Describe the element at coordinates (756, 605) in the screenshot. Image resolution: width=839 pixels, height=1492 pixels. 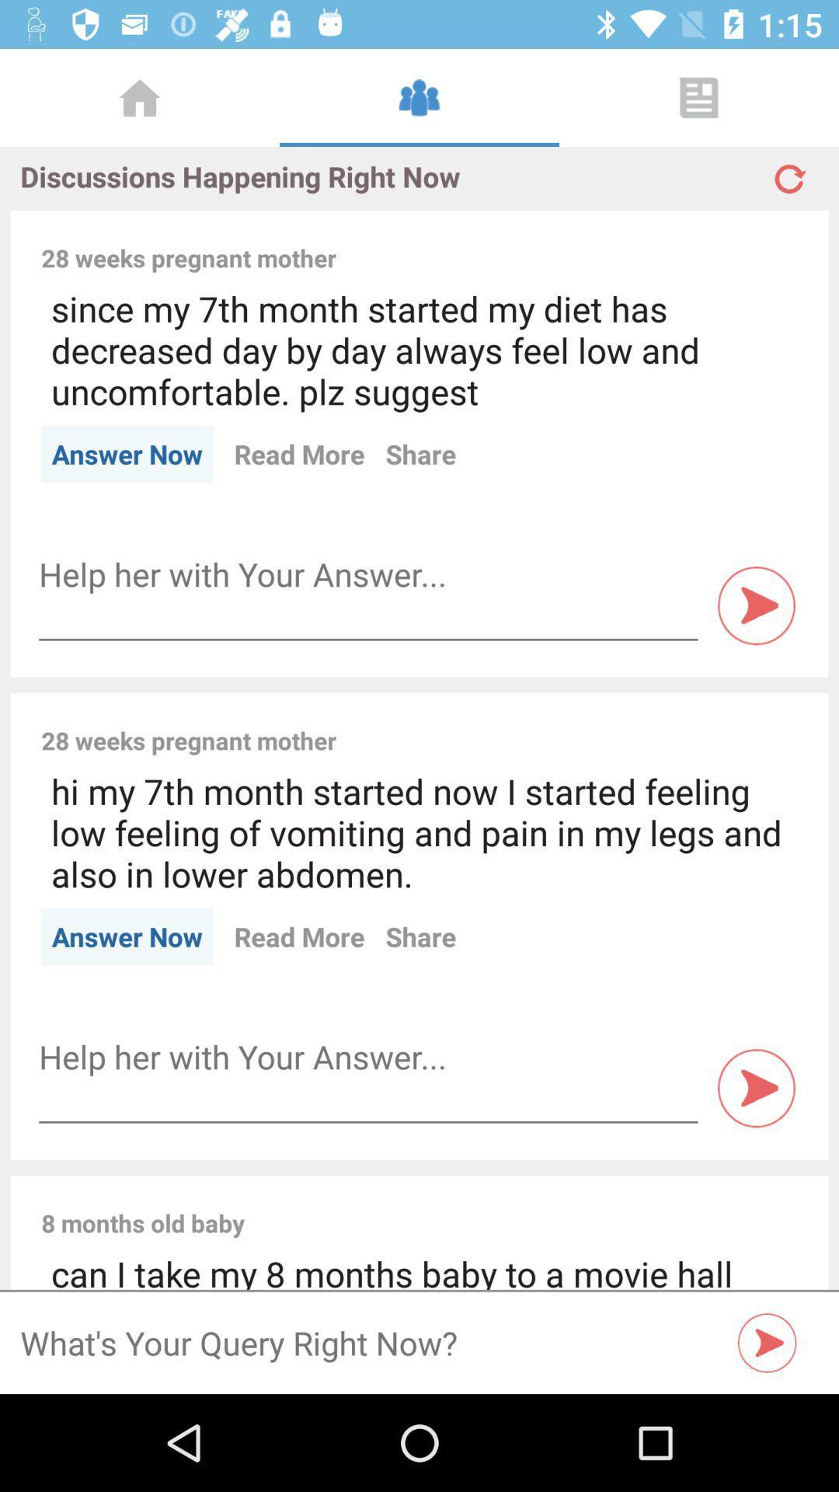
I see `play` at that location.